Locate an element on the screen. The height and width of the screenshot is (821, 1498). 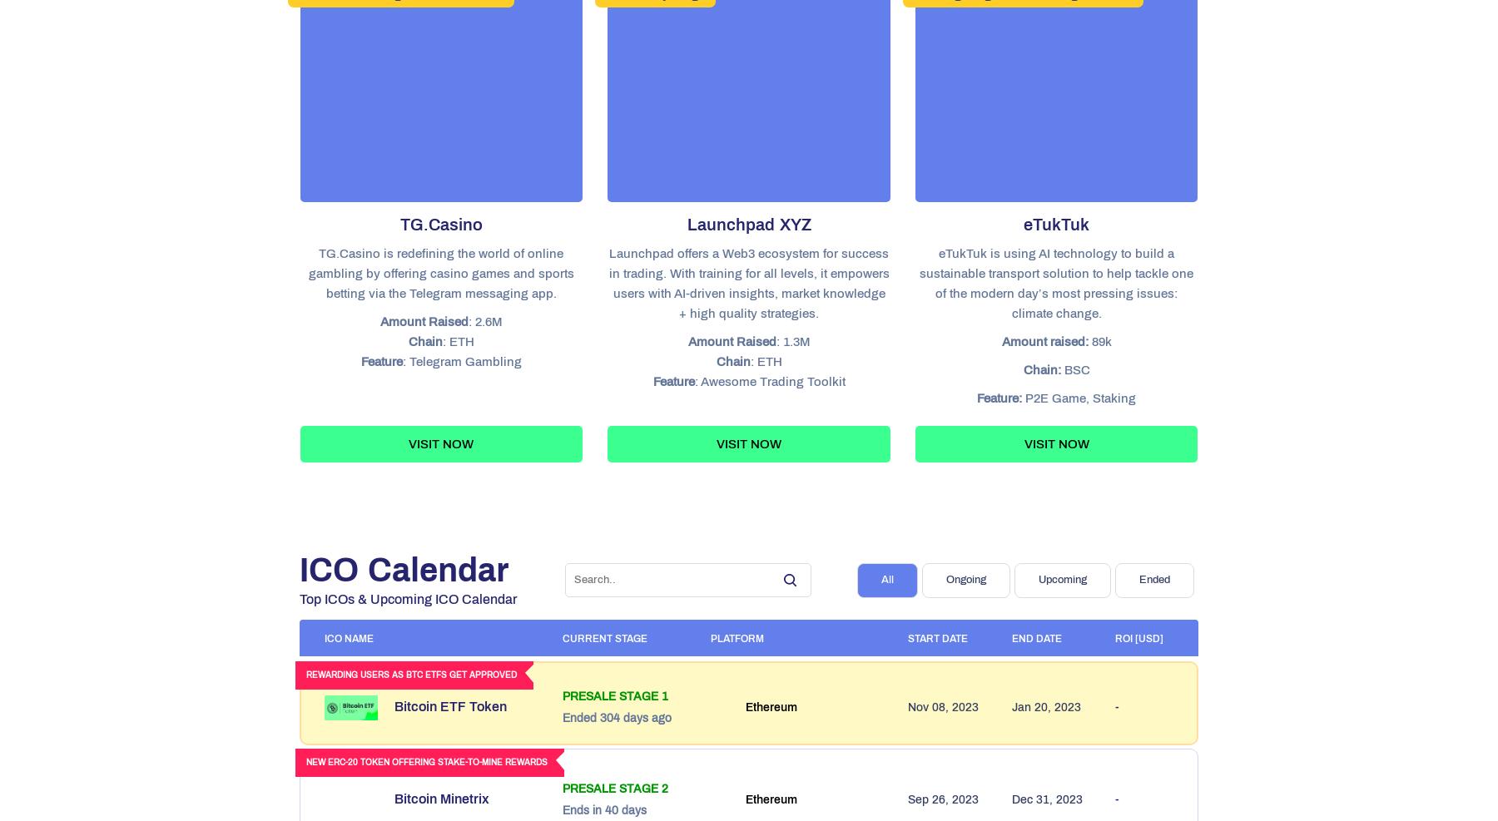
'CURRENT STAGE' is located at coordinates (604, 637).